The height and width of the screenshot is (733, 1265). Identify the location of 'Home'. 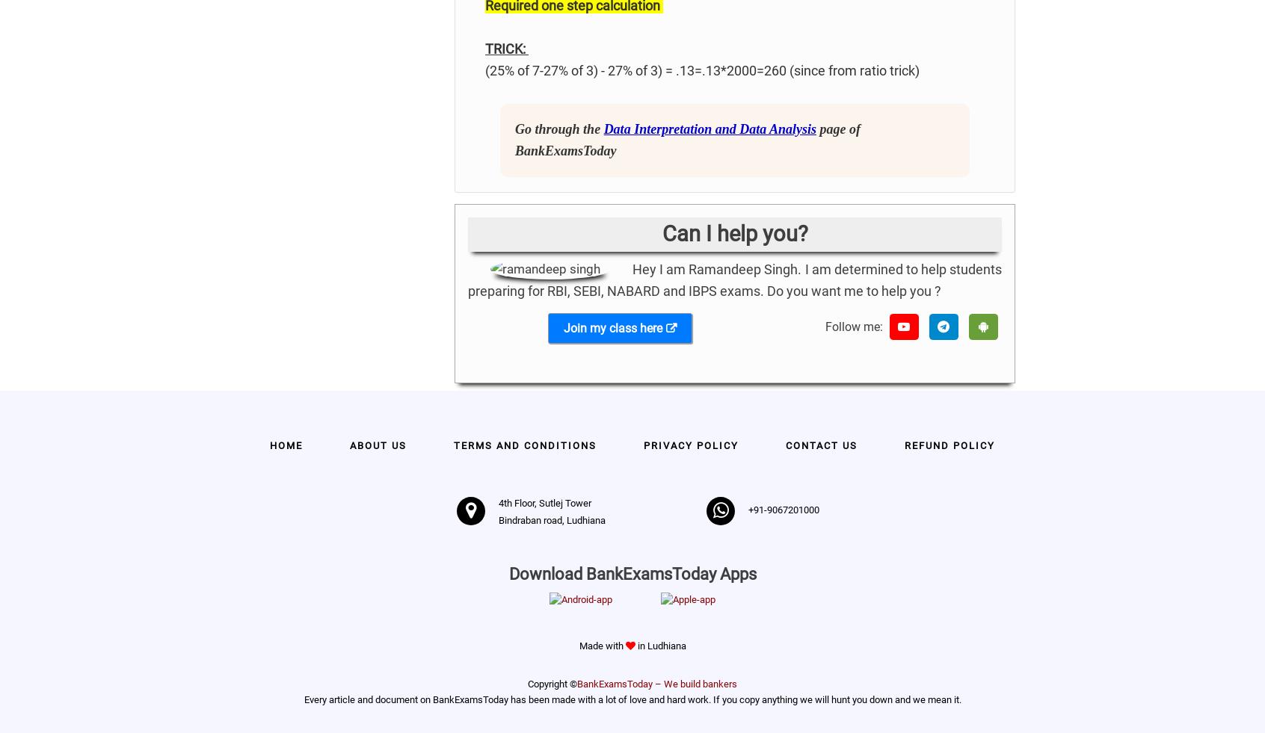
(286, 445).